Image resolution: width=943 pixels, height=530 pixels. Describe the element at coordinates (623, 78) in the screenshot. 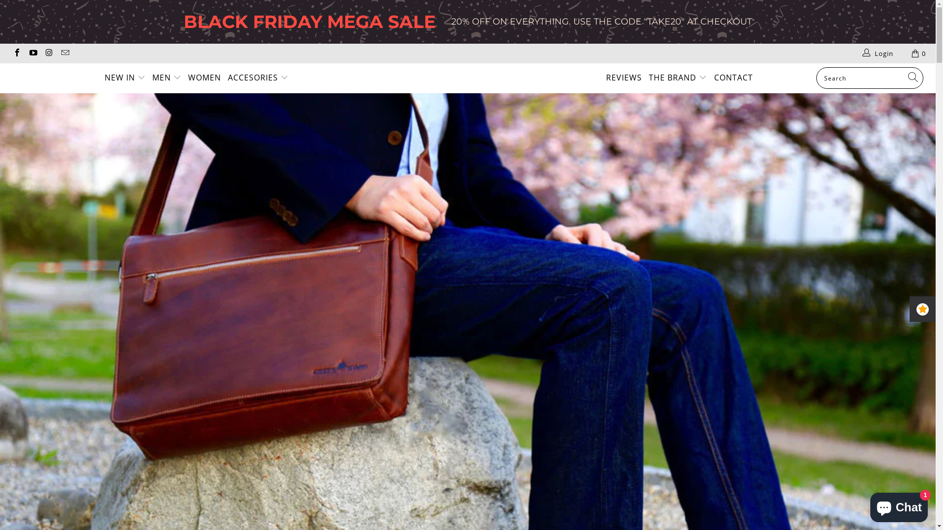

I see `'REVIEWS'` at that location.